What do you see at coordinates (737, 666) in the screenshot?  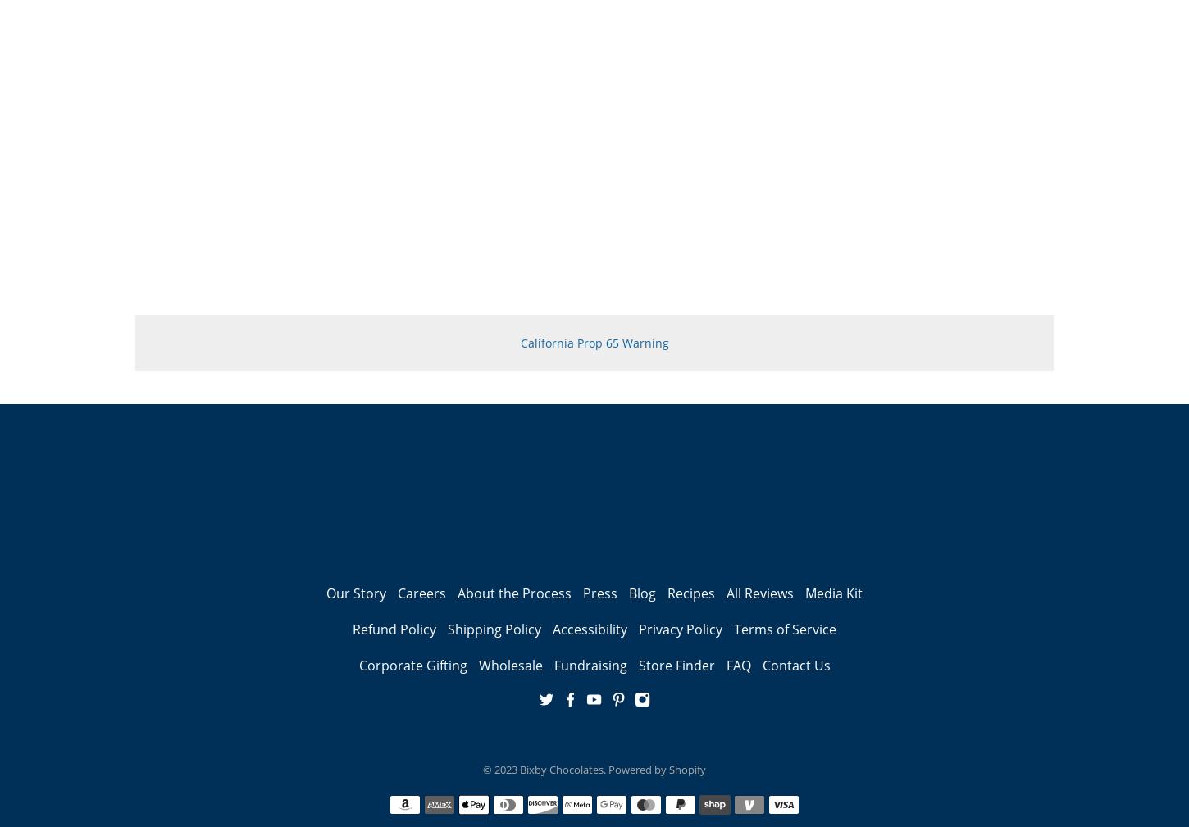 I see `'FAQ'` at bounding box center [737, 666].